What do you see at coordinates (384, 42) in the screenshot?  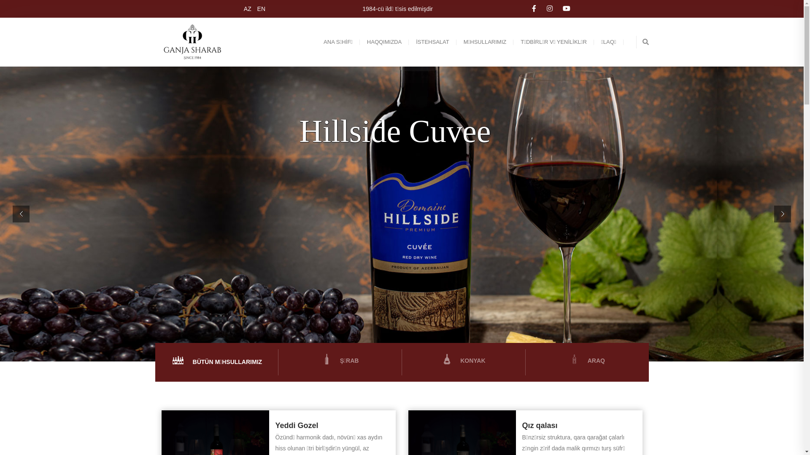 I see `'HAQQIMIZDA'` at bounding box center [384, 42].